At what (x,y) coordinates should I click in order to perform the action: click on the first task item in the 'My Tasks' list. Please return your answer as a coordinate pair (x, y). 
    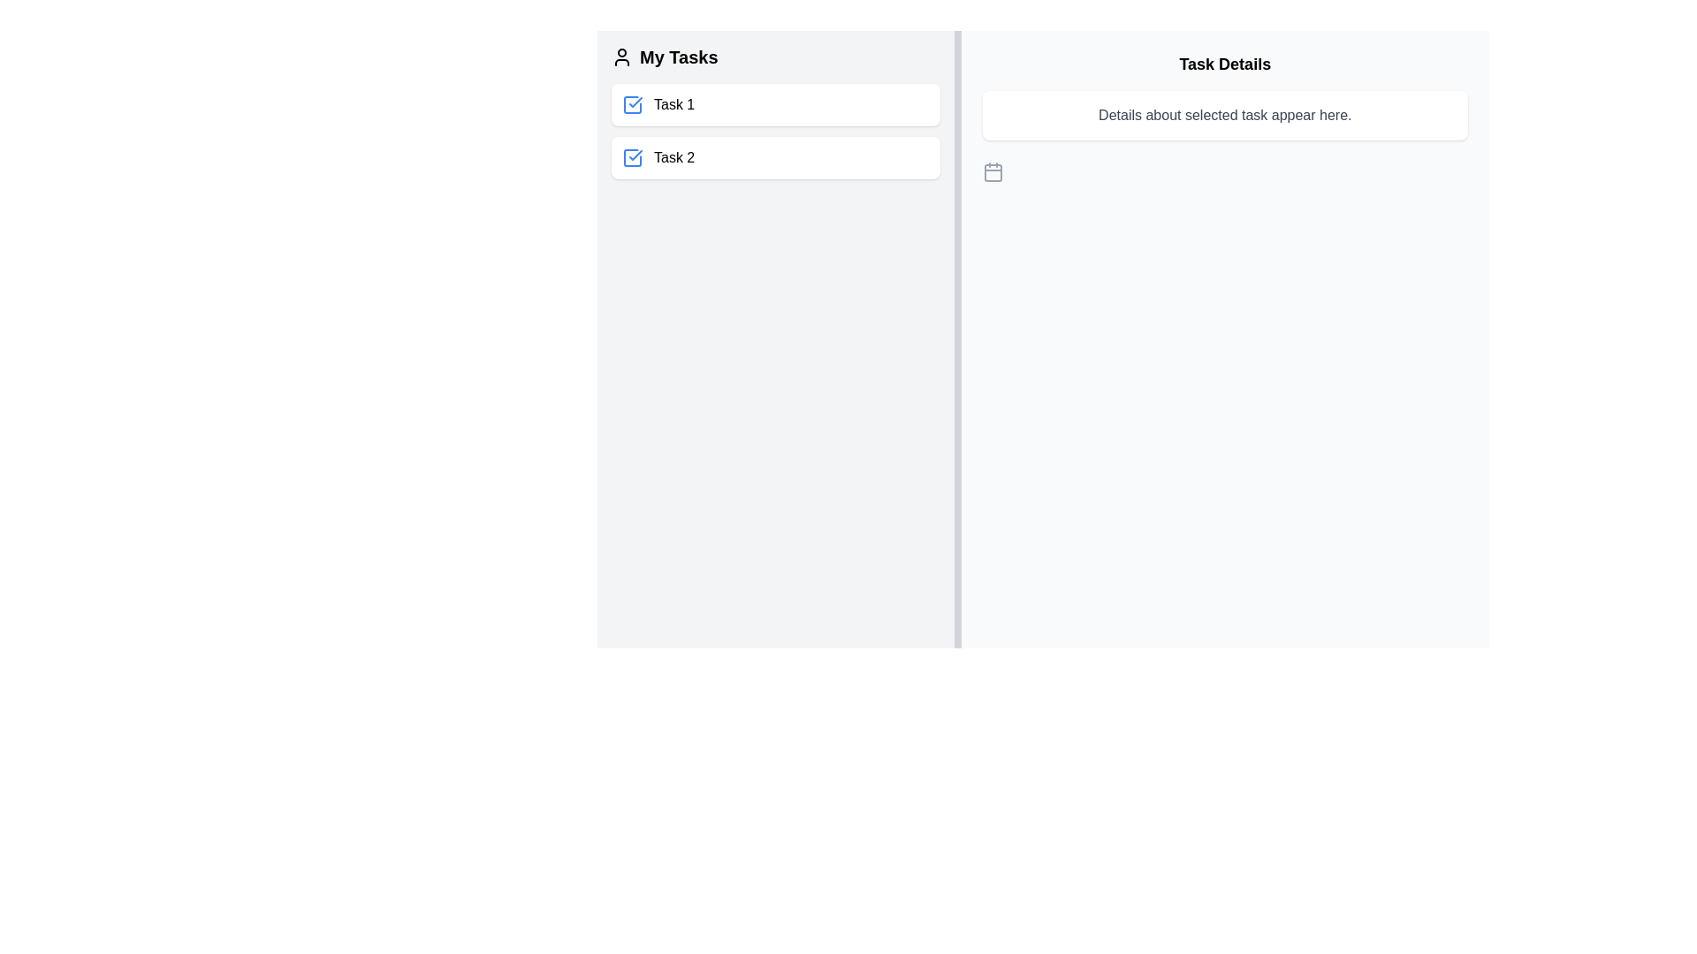
    Looking at the image, I should click on (775, 105).